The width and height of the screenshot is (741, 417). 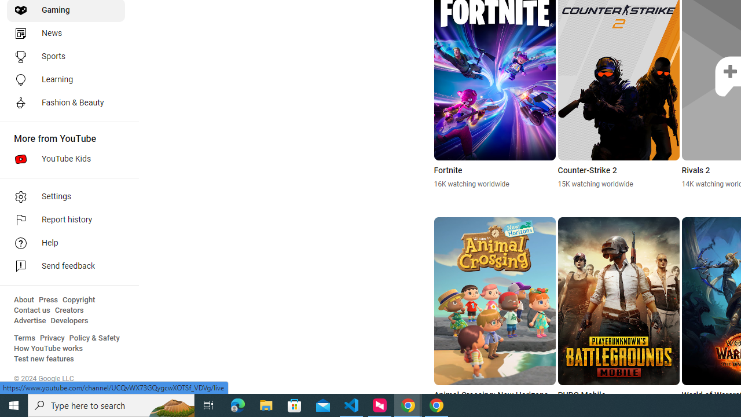 What do you see at coordinates (65, 102) in the screenshot?
I see `'Fashion & Beauty'` at bounding box center [65, 102].